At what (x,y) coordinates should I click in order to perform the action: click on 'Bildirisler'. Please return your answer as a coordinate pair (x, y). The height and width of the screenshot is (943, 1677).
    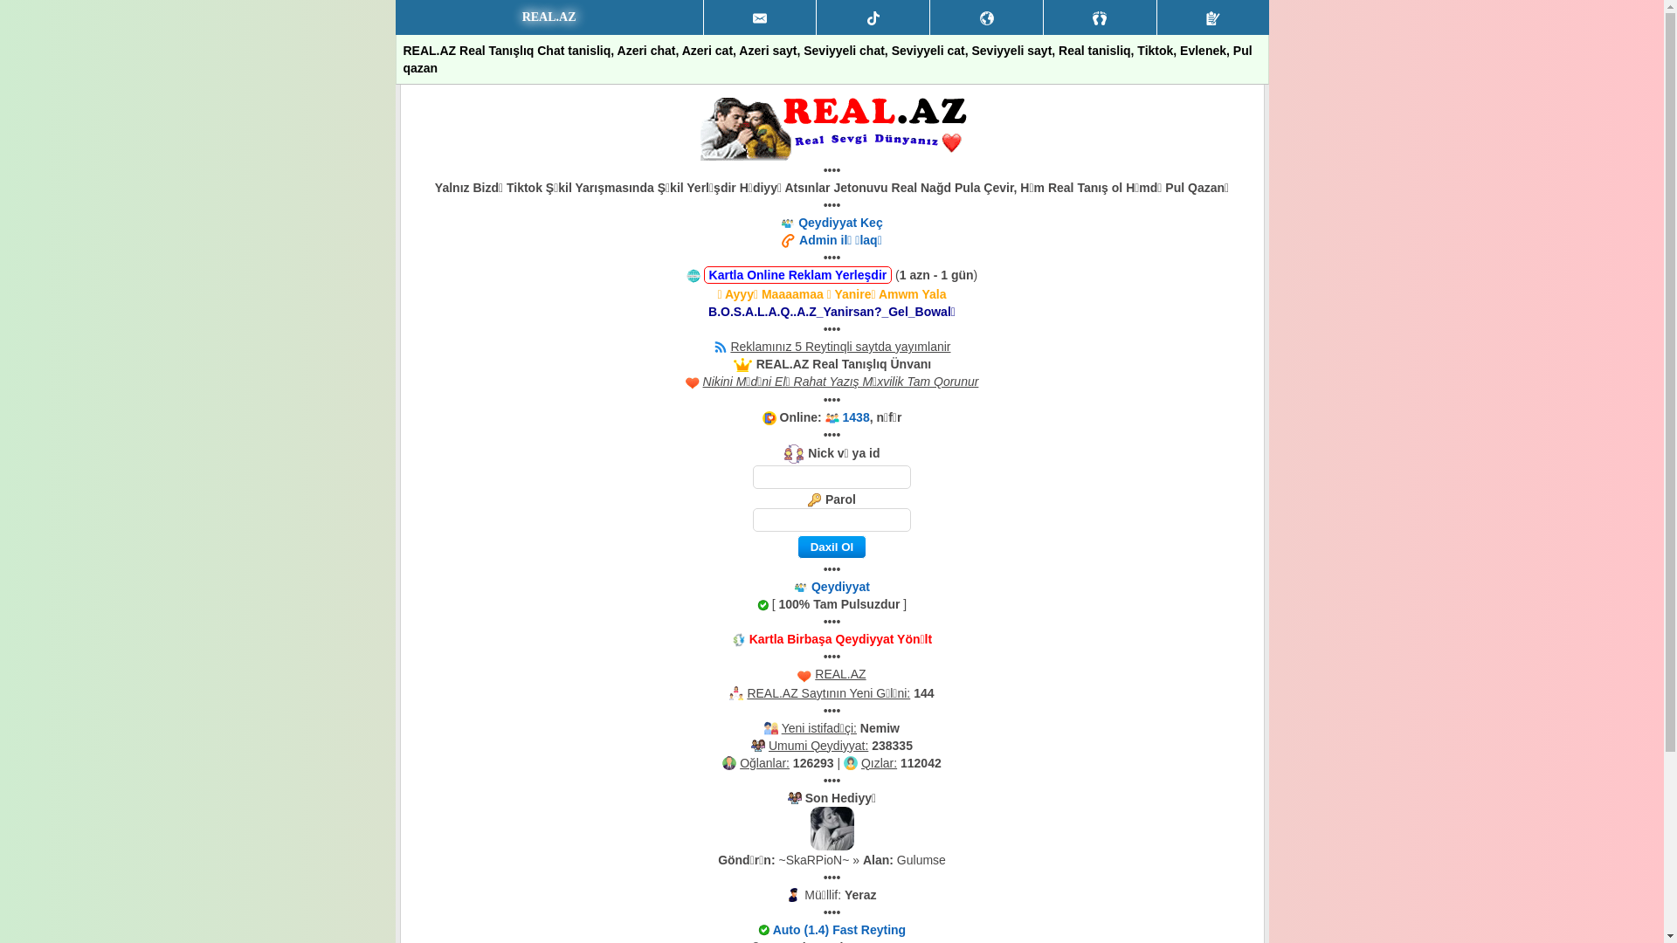
    Looking at the image, I should click on (986, 17).